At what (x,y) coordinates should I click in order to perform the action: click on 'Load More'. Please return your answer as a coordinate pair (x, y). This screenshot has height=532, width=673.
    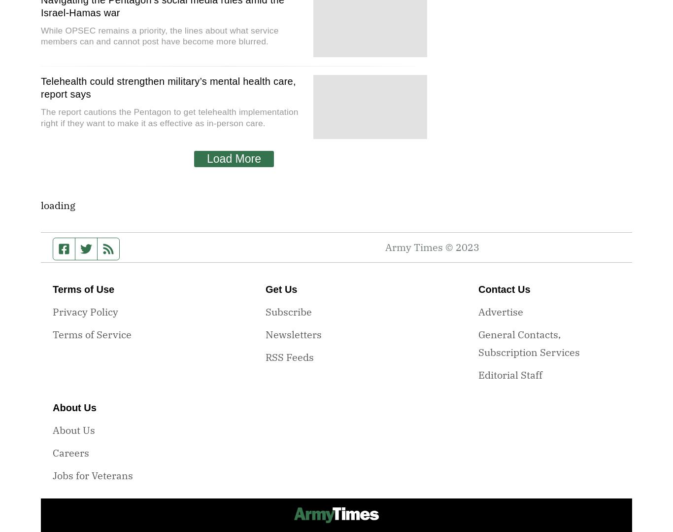
    Looking at the image, I should click on (234, 158).